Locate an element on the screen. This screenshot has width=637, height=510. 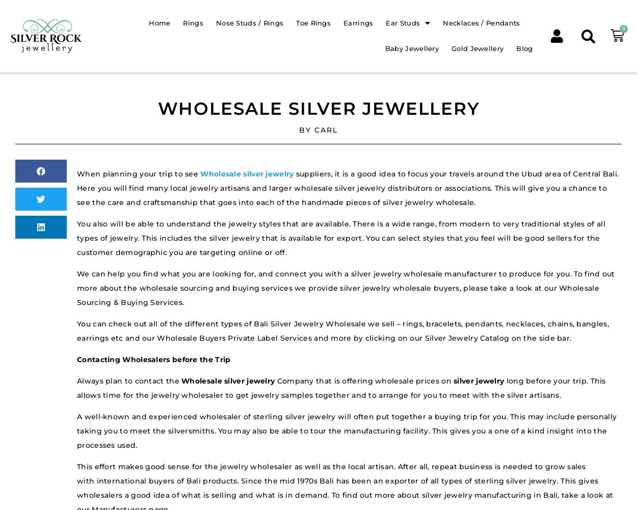
'Rings' is located at coordinates (182, 23).